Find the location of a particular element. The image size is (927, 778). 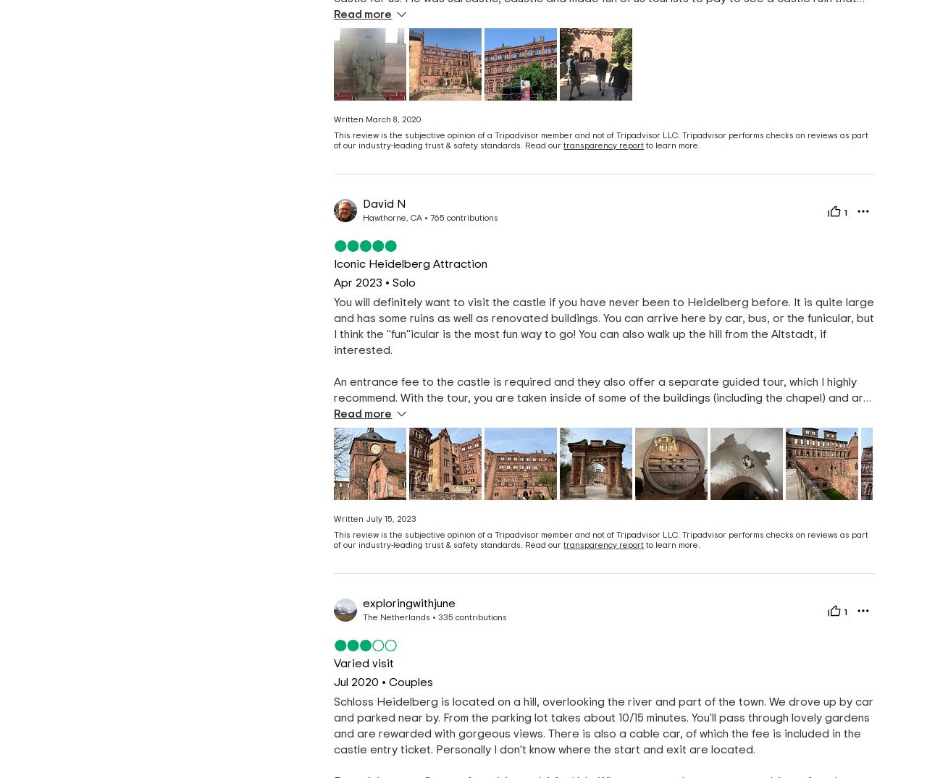

'exploringwithjune' is located at coordinates (408, 603).